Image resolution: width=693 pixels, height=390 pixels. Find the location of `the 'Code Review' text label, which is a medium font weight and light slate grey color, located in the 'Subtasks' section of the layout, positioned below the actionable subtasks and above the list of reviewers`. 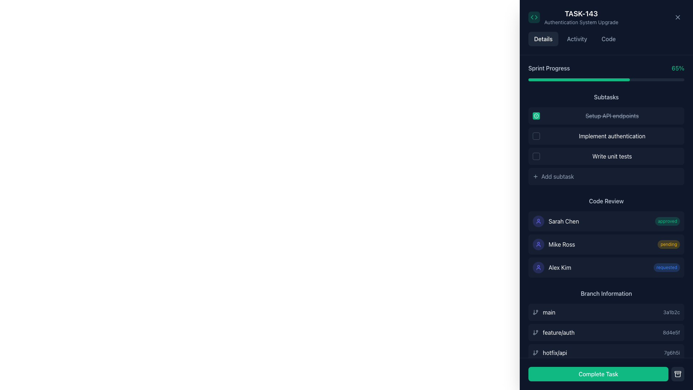

the 'Code Review' text label, which is a medium font weight and light slate grey color, located in the 'Subtasks' section of the layout, positioned below the actionable subtasks and above the list of reviewers is located at coordinates (606, 201).